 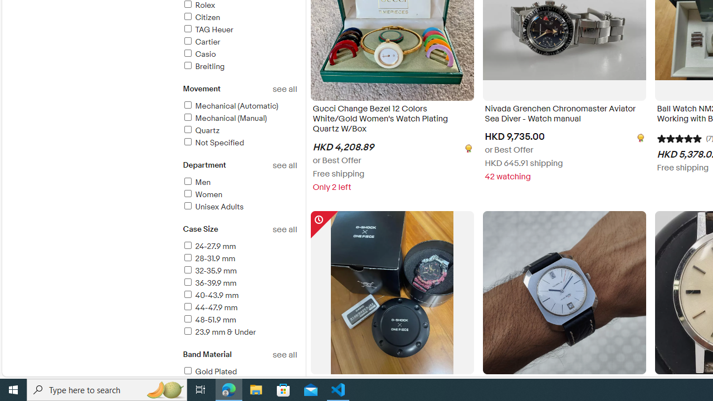 I want to click on 'See all band material refinements', so click(x=285, y=355).